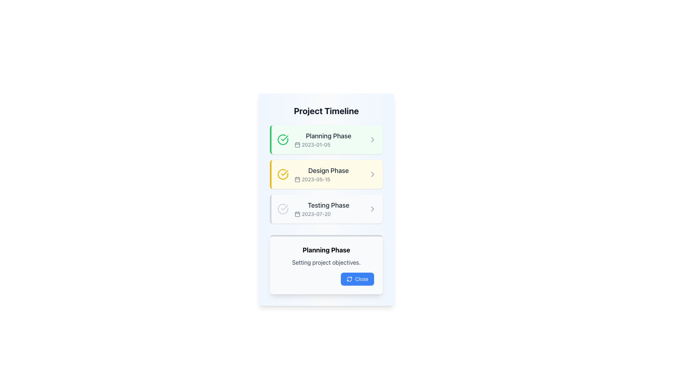  I want to click on the date indicator icon located to the left of the date '2023-07-20' in the 'Testing Phase' timeline entry, which is the third item in the list of phases, so click(297, 214).